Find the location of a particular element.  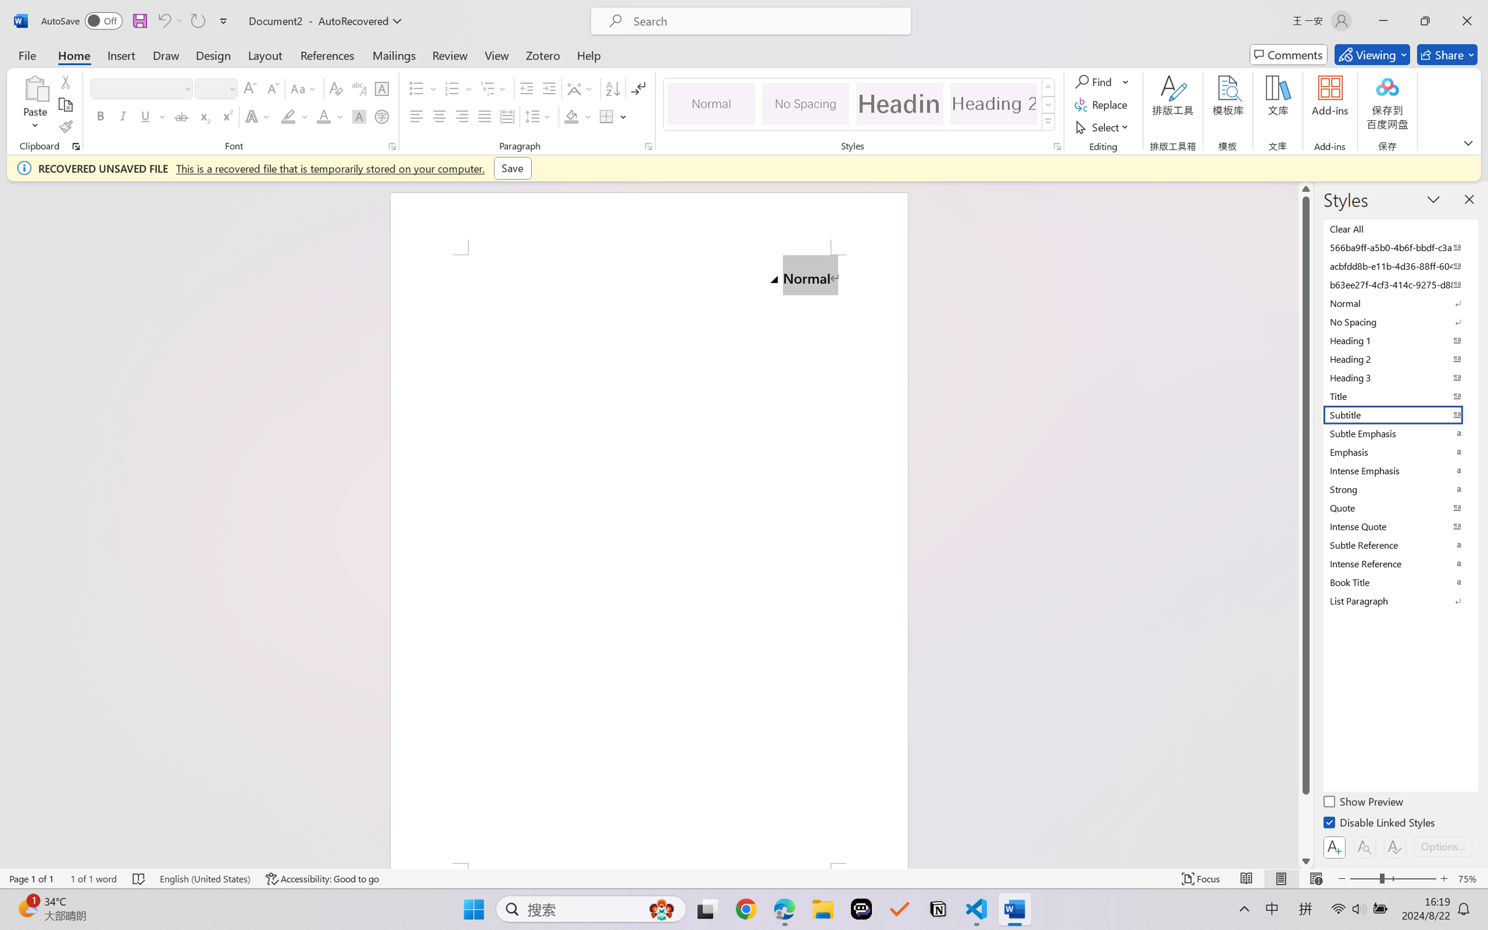

'Options...' is located at coordinates (1441, 846).